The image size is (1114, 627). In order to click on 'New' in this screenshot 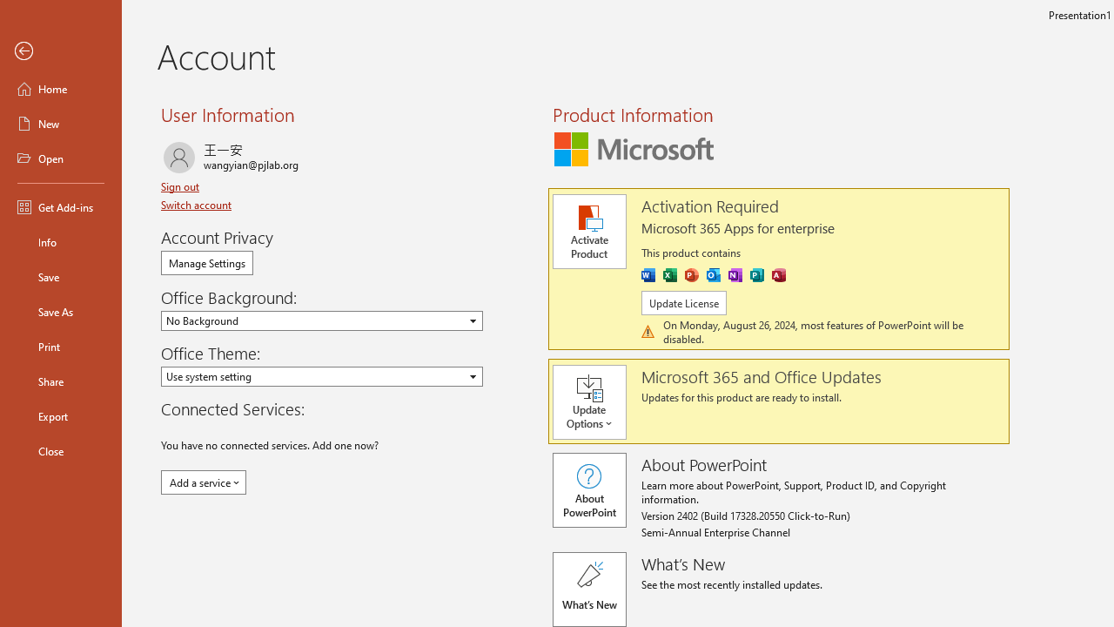, I will do `click(60, 122)`.